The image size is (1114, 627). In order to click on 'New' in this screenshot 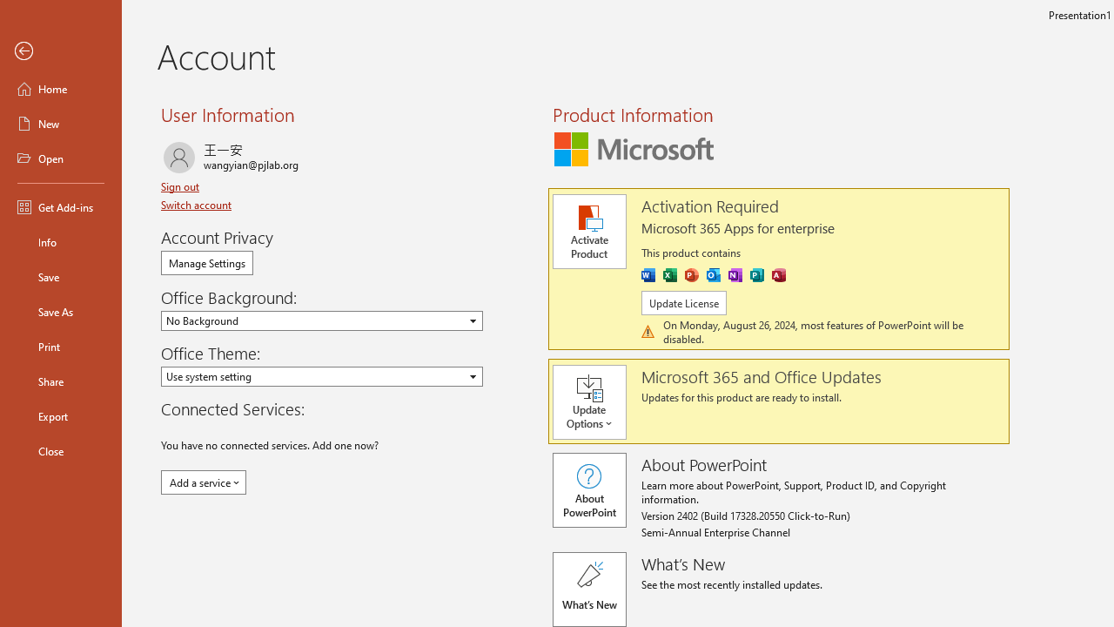, I will do `click(60, 122)`.